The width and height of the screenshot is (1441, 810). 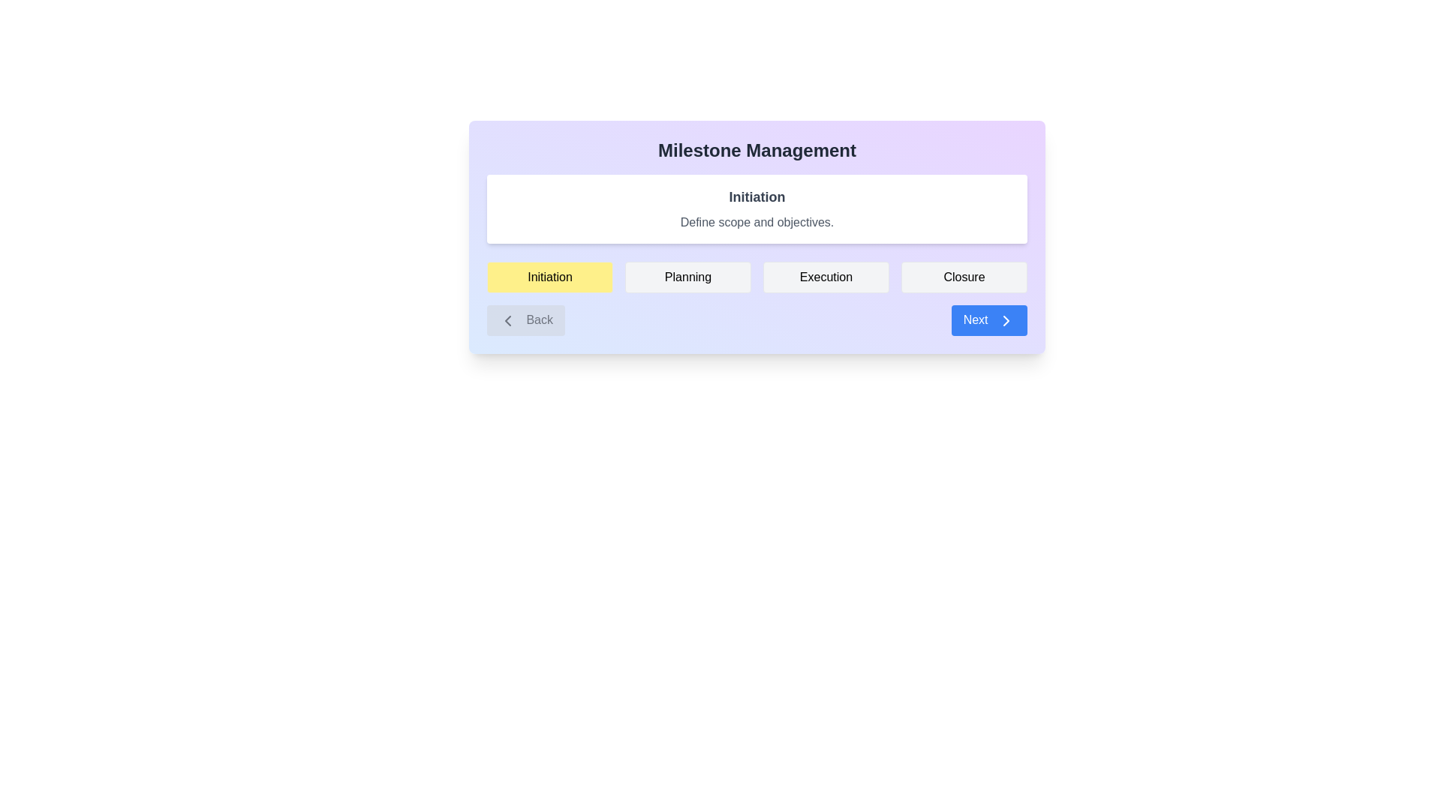 I want to click on the 'Next' button, which is a rectangular button with a vibrant blue background and white text, so click(x=989, y=319).